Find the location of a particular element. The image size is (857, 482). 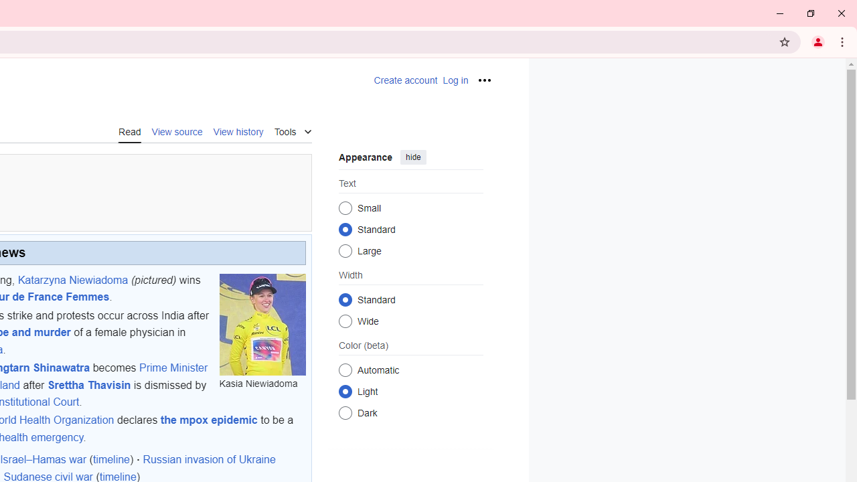

'Srettha Thavisin' is located at coordinates (88, 384).